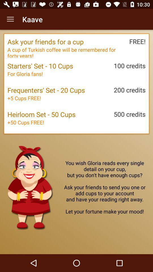 This screenshot has height=272, width=153. Describe the element at coordinates (10, 19) in the screenshot. I see `icon above the ask your friends` at that location.